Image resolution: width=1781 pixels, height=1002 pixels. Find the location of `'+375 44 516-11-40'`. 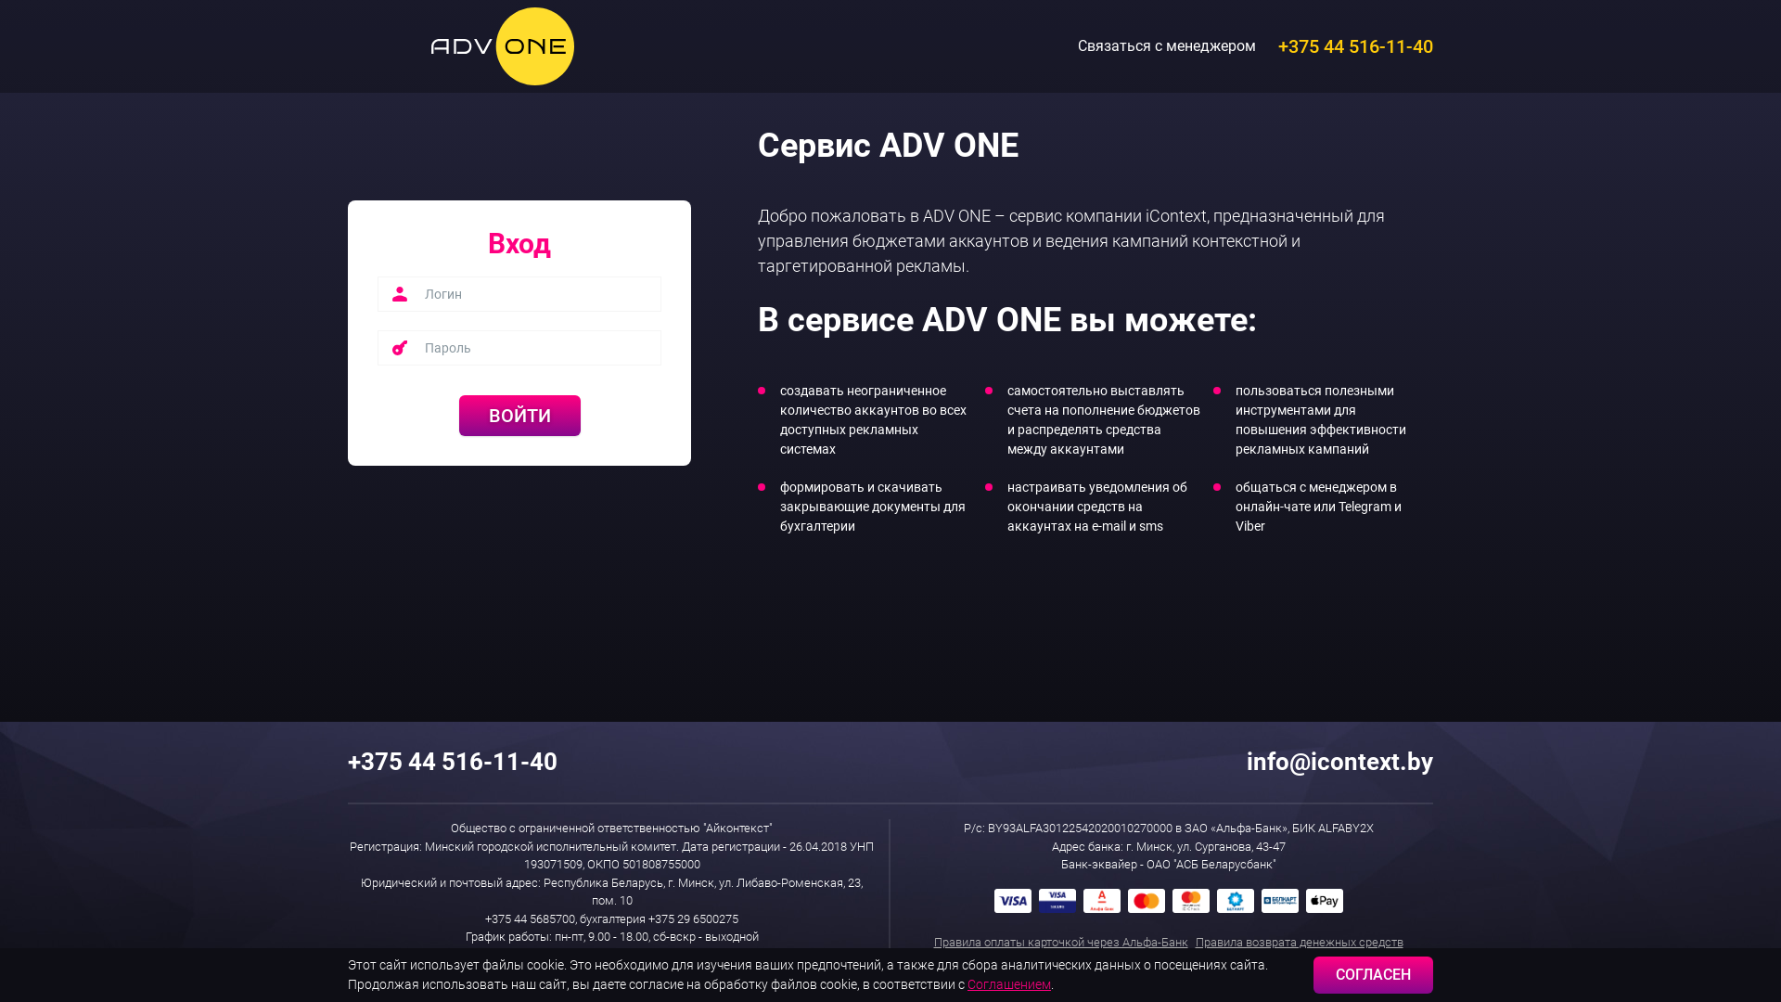

'+375 44 516-11-40' is located at coordinates (449, 762).